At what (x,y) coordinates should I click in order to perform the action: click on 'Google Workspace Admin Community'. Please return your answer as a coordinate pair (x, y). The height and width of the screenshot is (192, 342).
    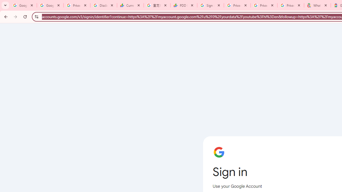
    Looking at the image, I should click on (23, 5).